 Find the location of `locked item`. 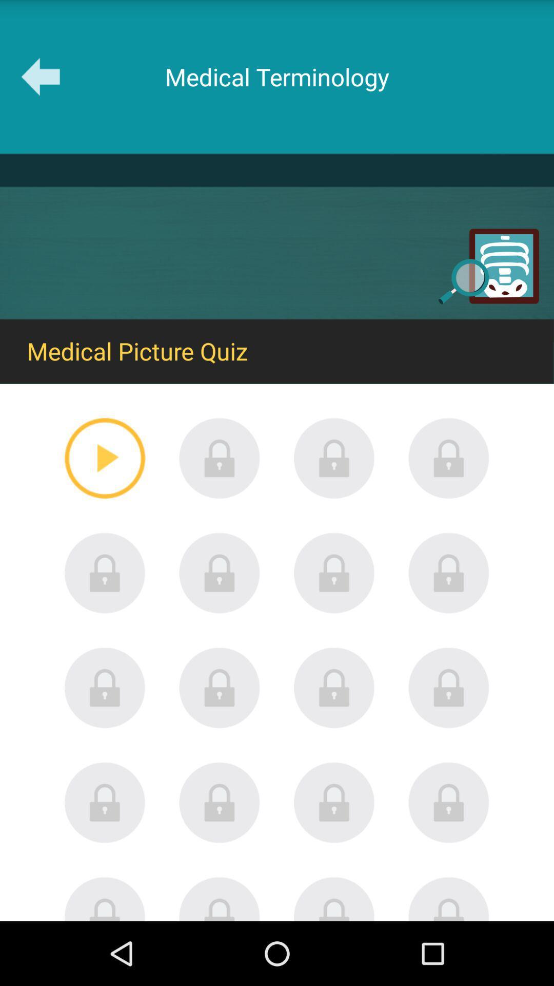

locked item is located at coordinates (448, 458).